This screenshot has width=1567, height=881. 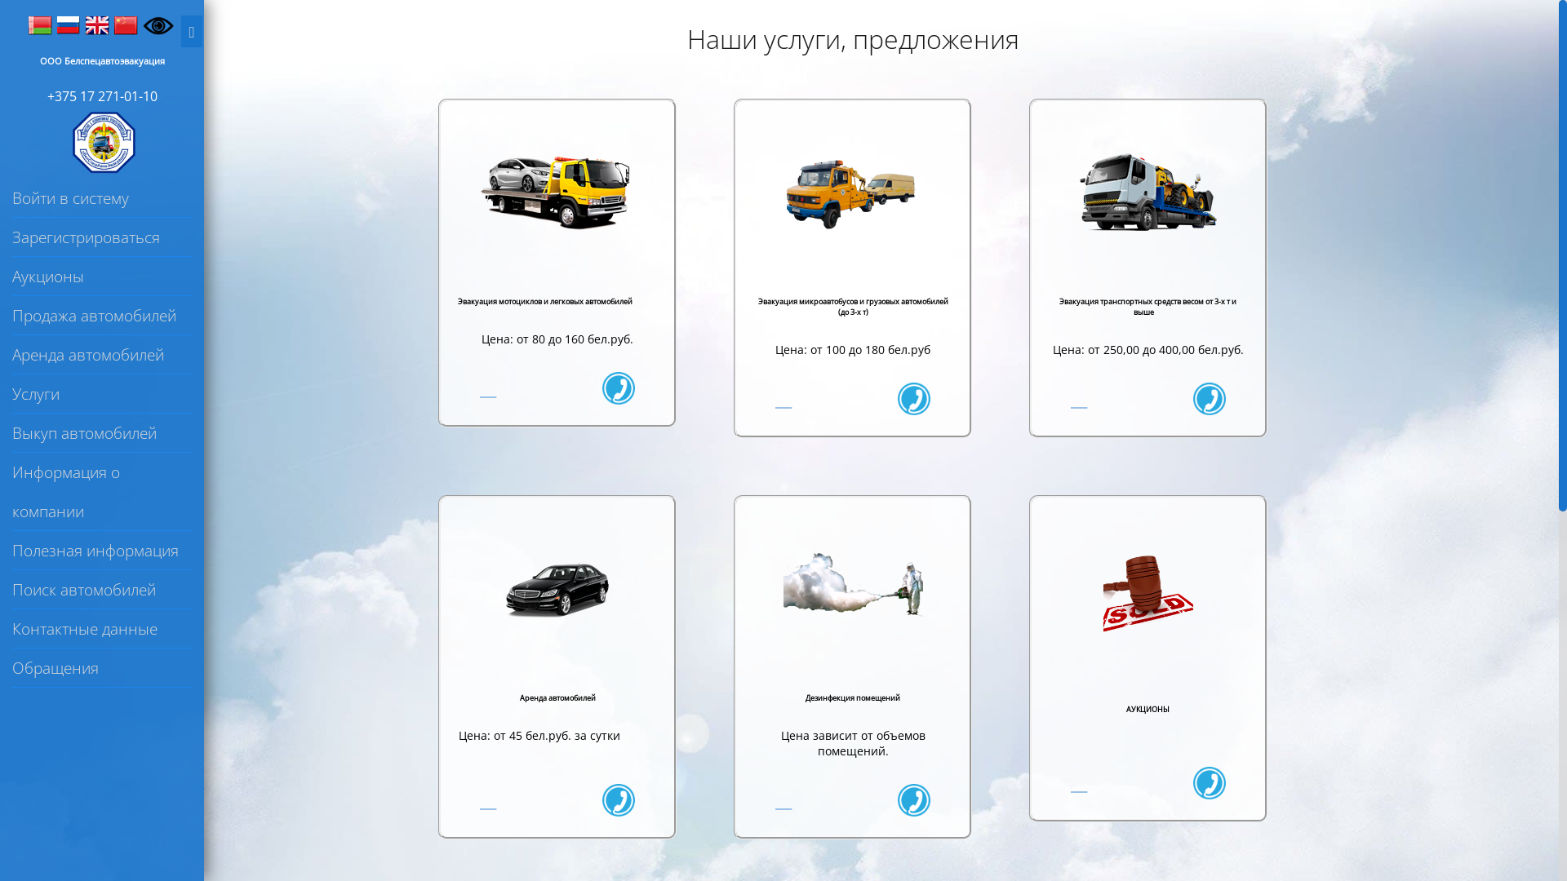 What do you see at coordinates (85, 25) in the screenshot?
I see `'English'` at bounding box center [85, 25].